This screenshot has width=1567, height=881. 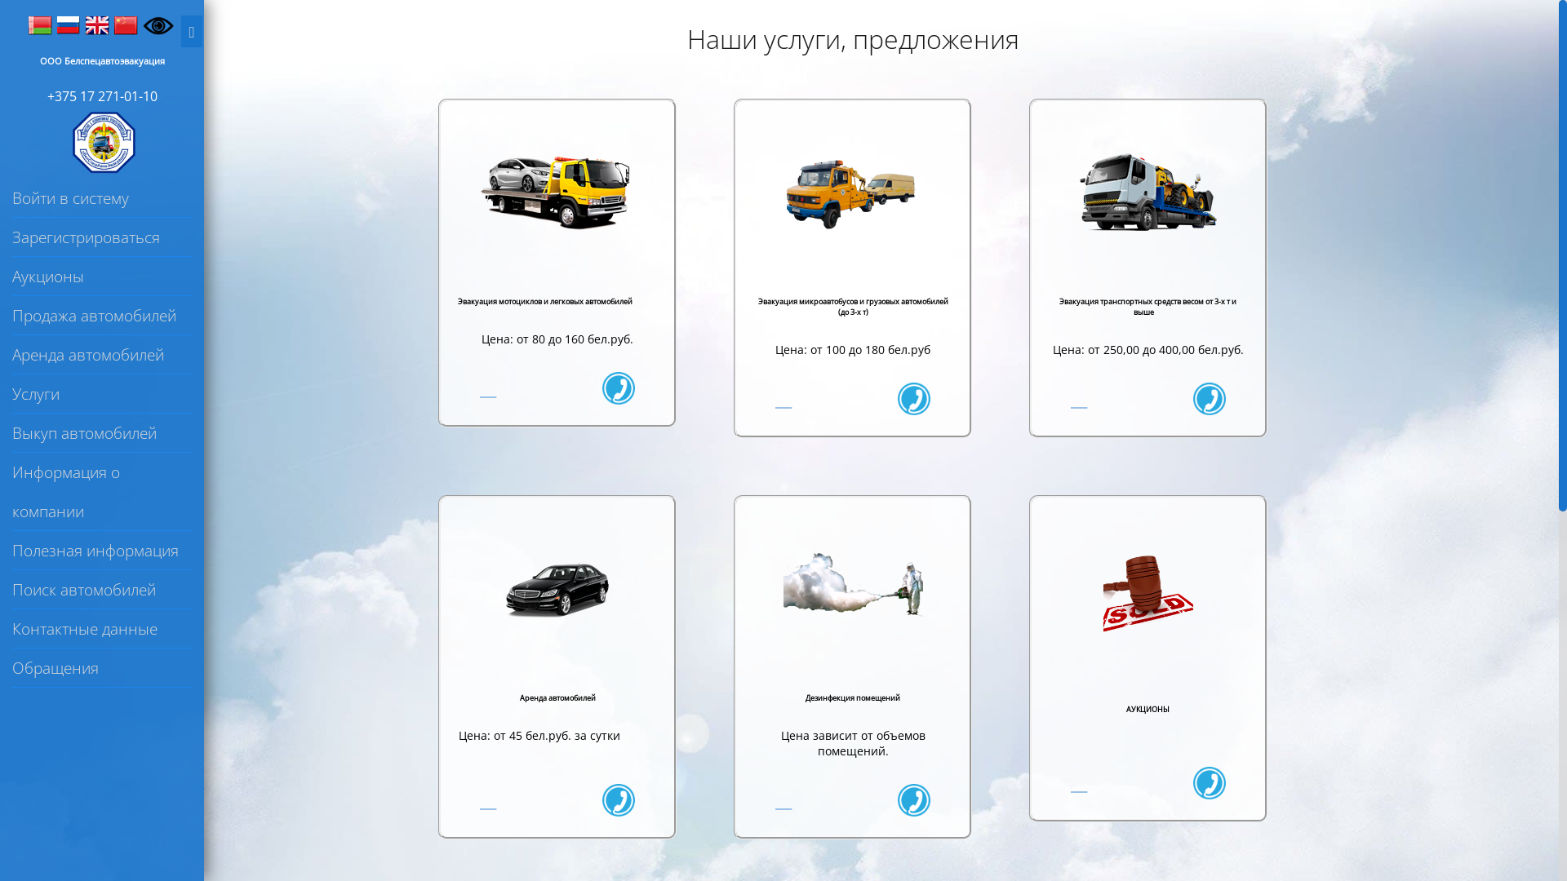 What do you see at coordinates (85, 25) in the screenshot?
I see `'English'` at bounding box center [85, 25].